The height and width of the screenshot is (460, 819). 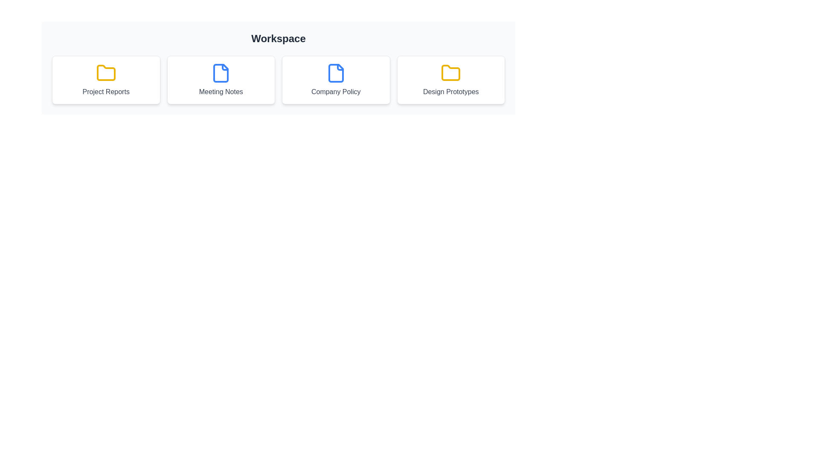 What do you see at coordinates (221, 73) in the screenshot?
I see `the file or document icon representing 'Meeting Notes', located in the center of the second card in the 'Workspace' section` at bounding box center [221, 73].